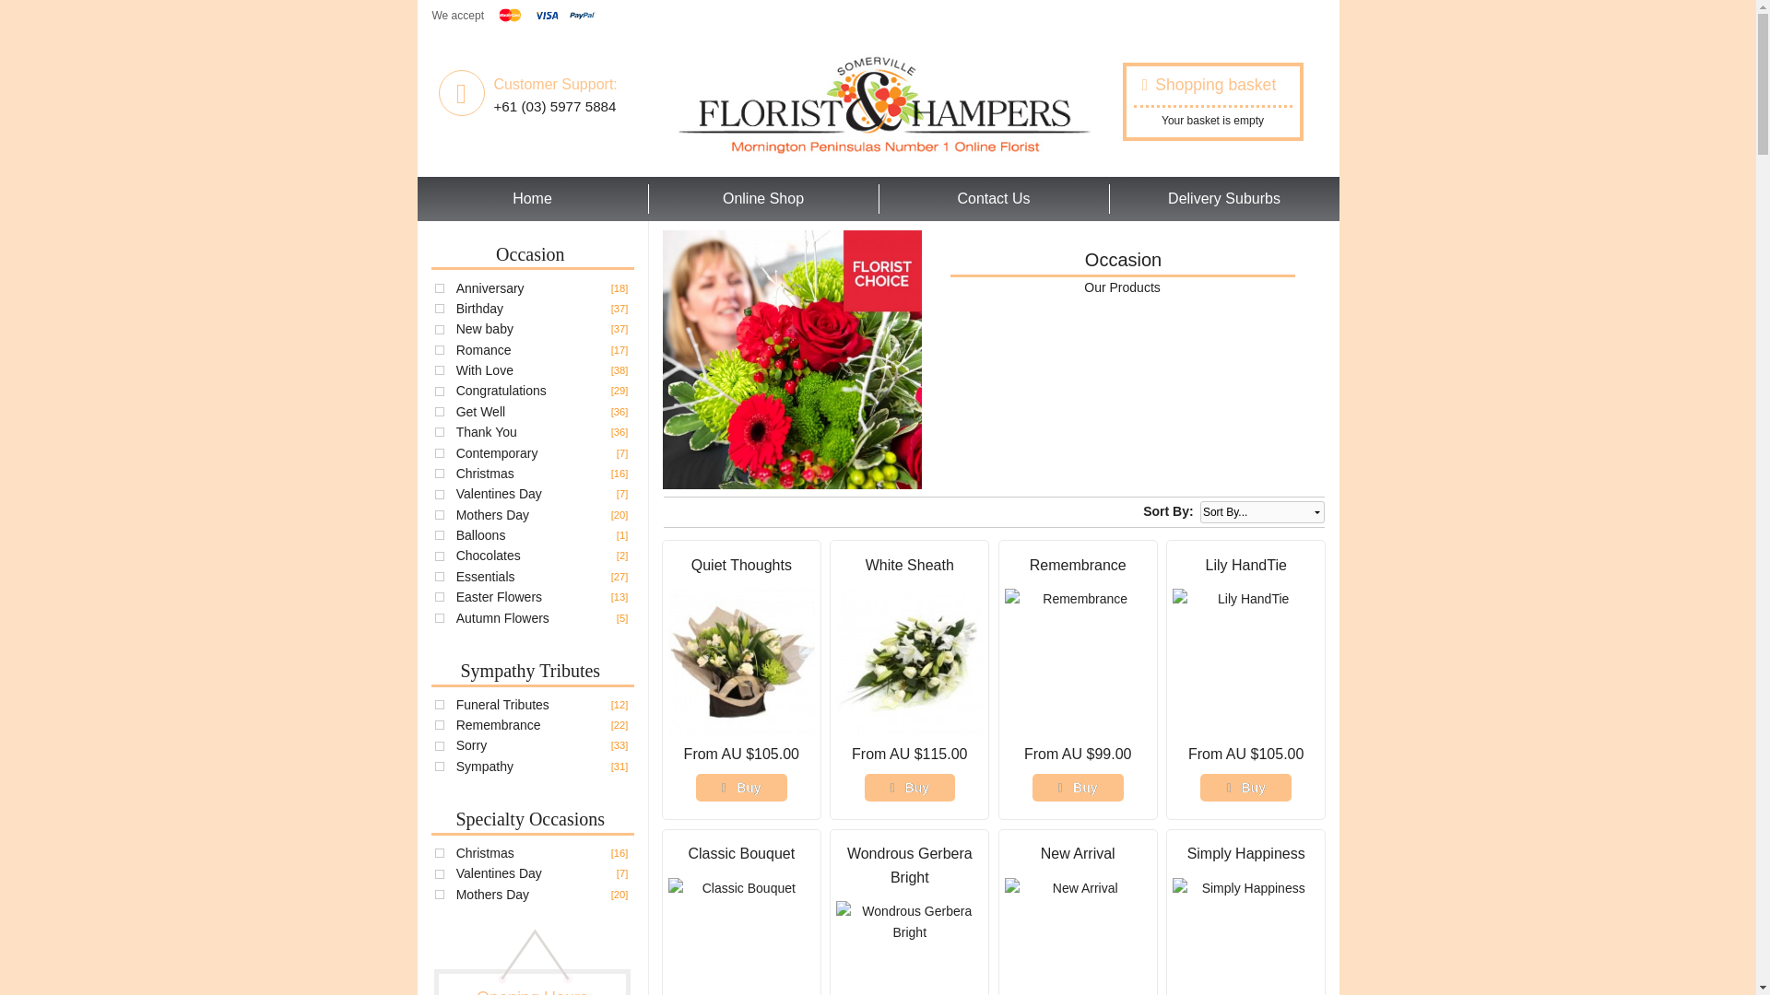 This screenshot has width=1770, height=995. I want to click on 'Shopping basket', so click(1140, 85).